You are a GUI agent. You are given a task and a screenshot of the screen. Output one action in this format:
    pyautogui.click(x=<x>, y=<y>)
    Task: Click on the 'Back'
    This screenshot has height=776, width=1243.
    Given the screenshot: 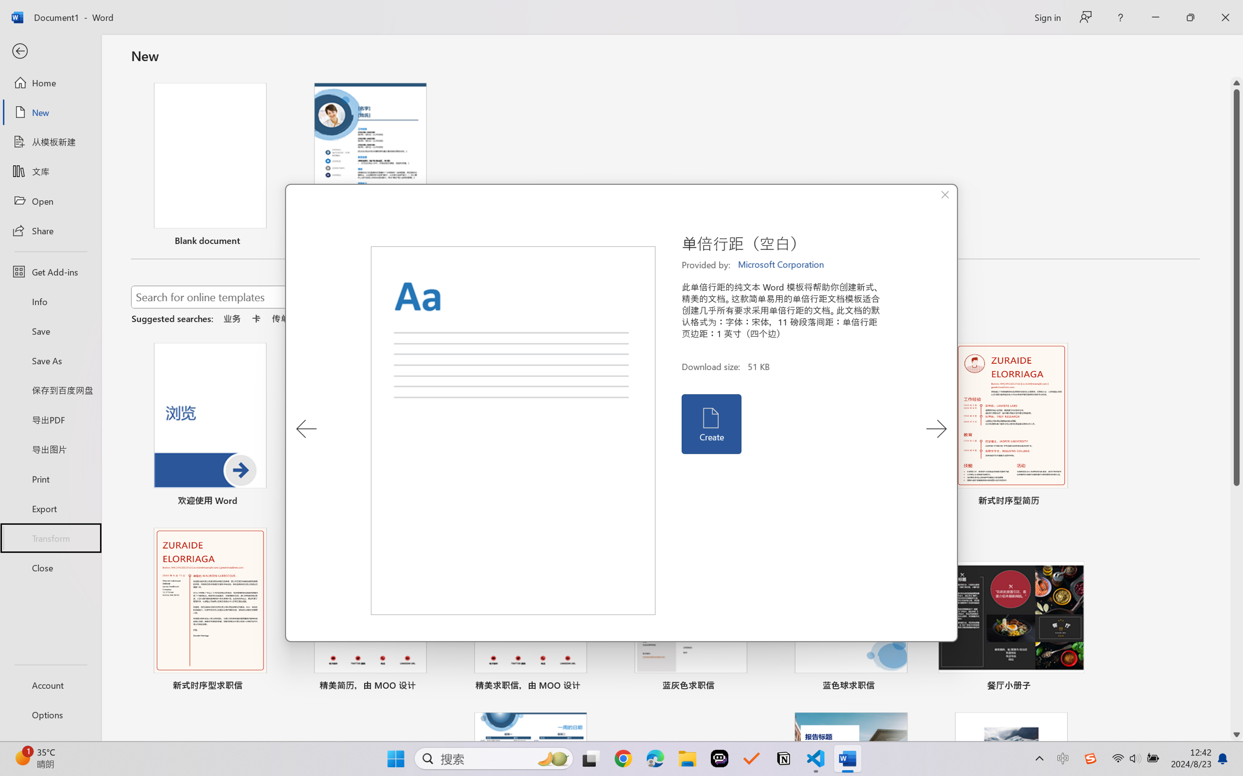 What is the action you would take?
    pyautogui.click(x=50, y=51)
    